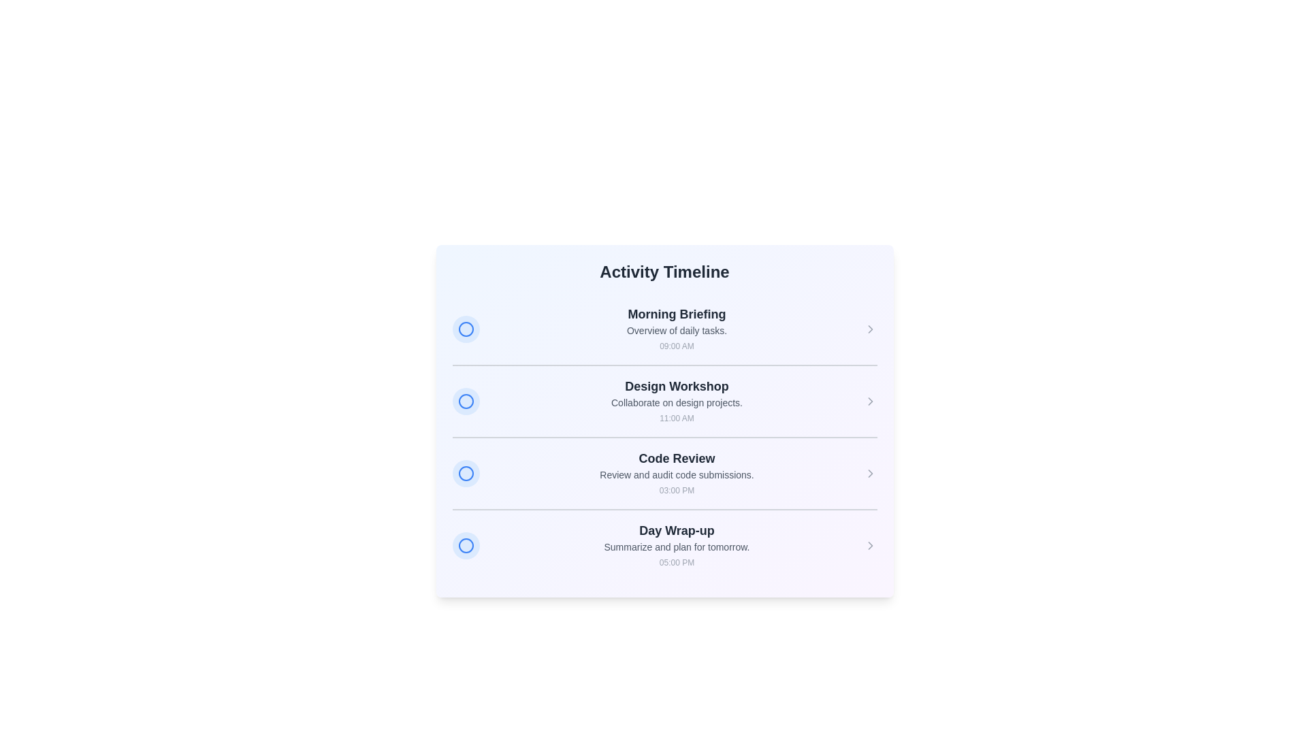  What do you see at coordinates (869, 329) in the screenshot?
I see `the icon at the end of the 'Morning Briefing' row in the 'Activity Timeline' section` at bounding box center [869, 329].